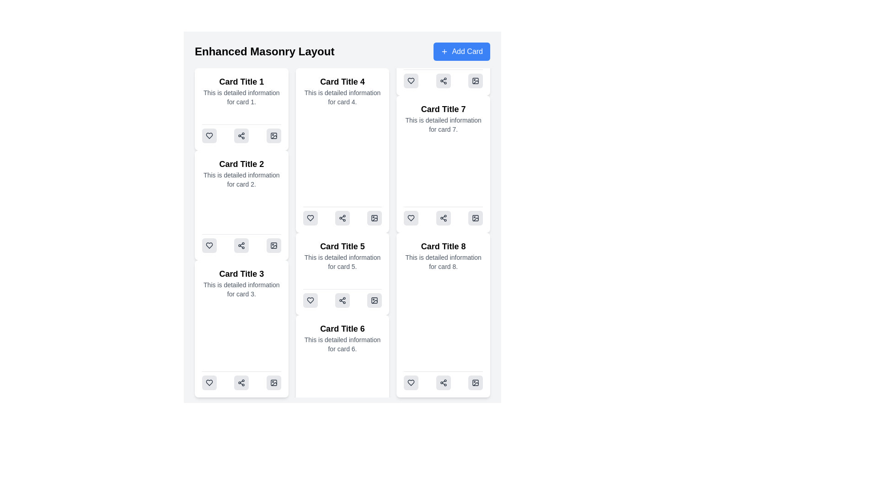 The height and width of the screenshot is (494, 878). I want to click on the text block containing the description 'This is detailed information for card 7.' located below the heading 'Card Title 7' in the second column of the third row within a grid layout, so click(443, 125).